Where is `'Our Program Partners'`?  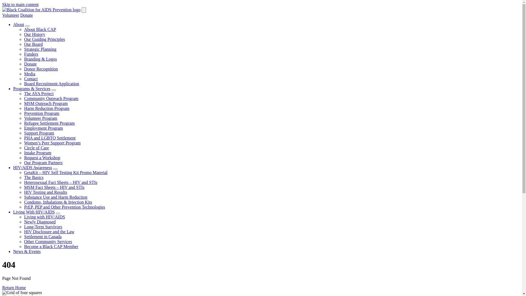
'Our Program Partners' is located at coordinates (43, 162).